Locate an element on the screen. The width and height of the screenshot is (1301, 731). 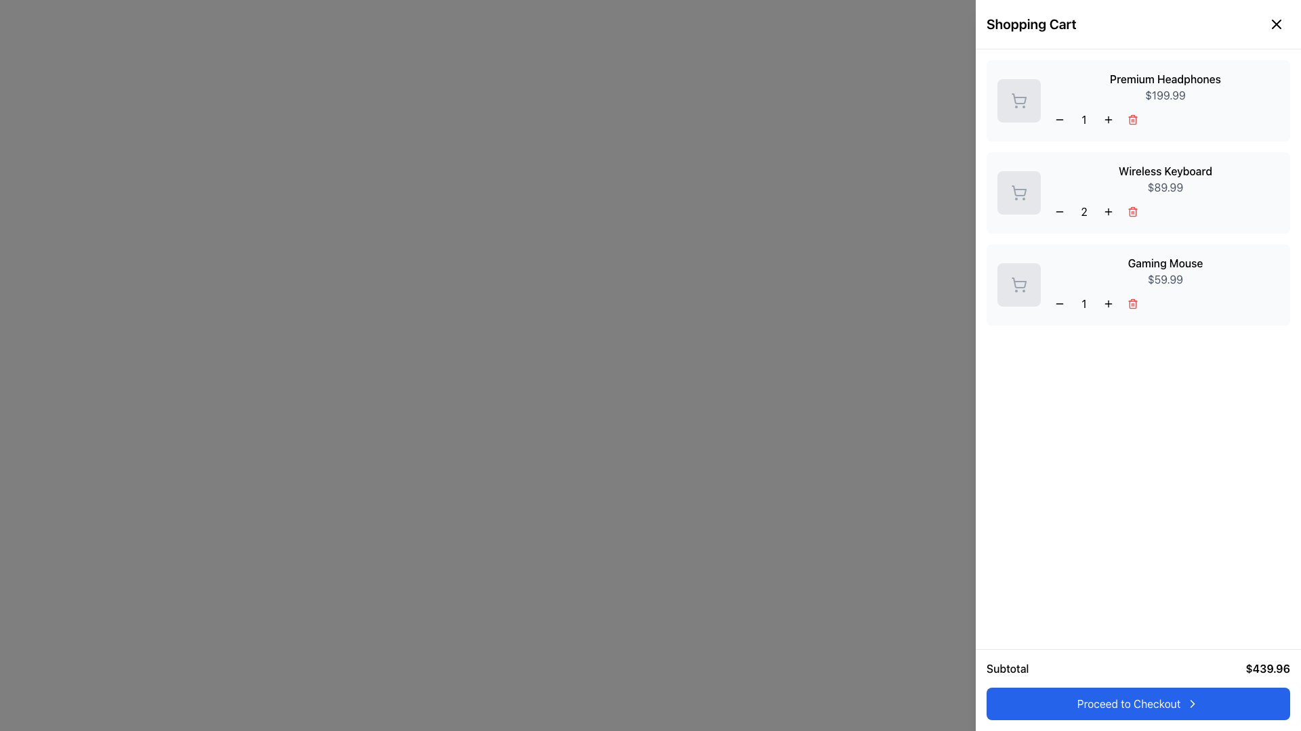
the button that increases the quantity of the Gaming Mouse item in the shopping cart, located in the third item row between the '-' button and the trash icon is located at coordinates (1109, 303).